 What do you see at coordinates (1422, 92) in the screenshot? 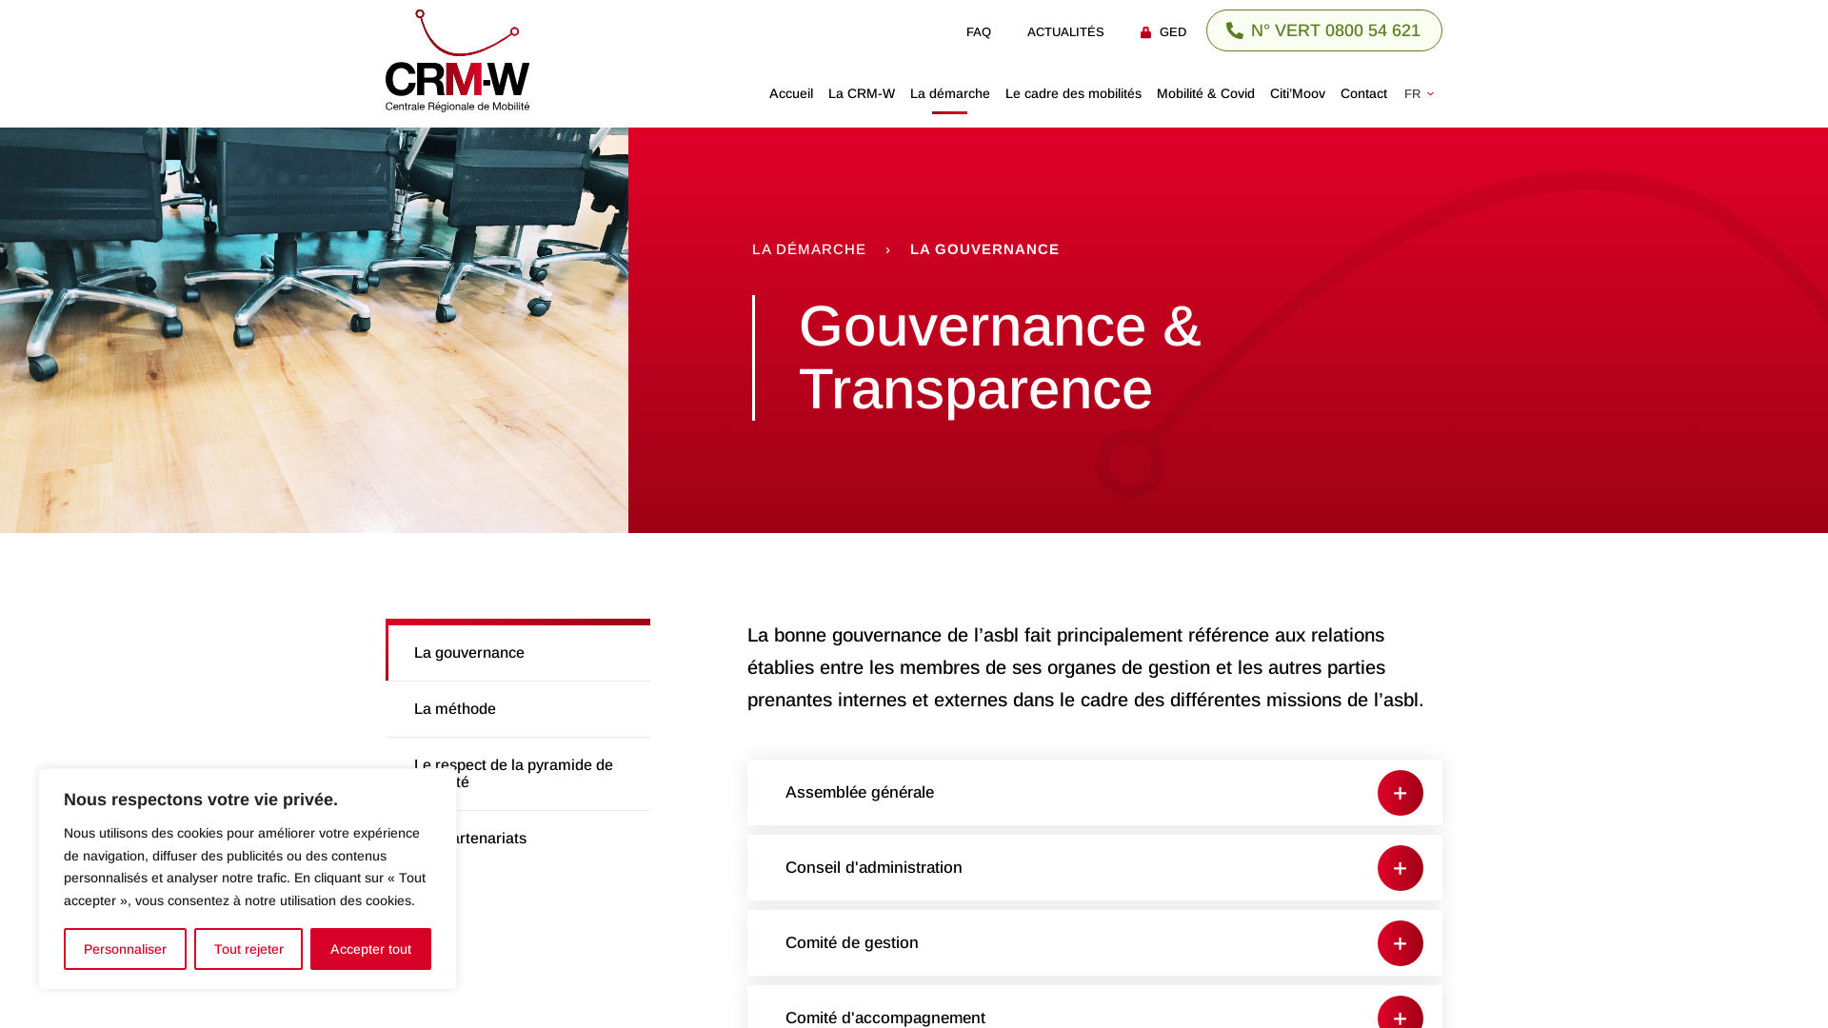
I see `'FR'` at bounding box center [1422, 92].